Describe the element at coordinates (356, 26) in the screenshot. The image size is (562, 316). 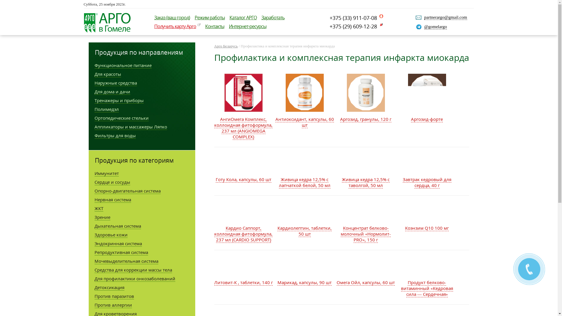
I see `'+375 (29) 609-12-28'` at that location.